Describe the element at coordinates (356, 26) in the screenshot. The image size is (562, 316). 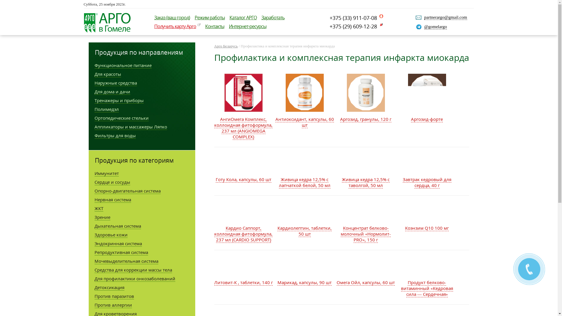
I see `'+375 (29) 609-12-28'` at that location.